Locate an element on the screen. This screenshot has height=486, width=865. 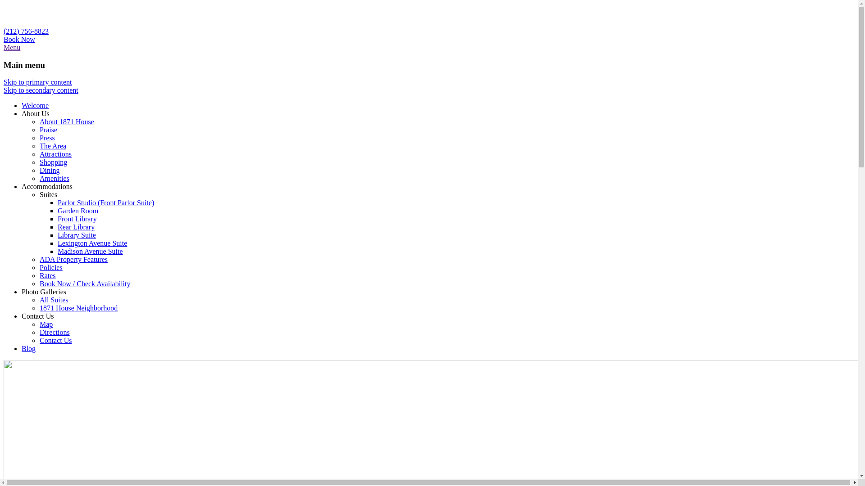
'Skip to secondary content' is located at coordinates (41, 90).